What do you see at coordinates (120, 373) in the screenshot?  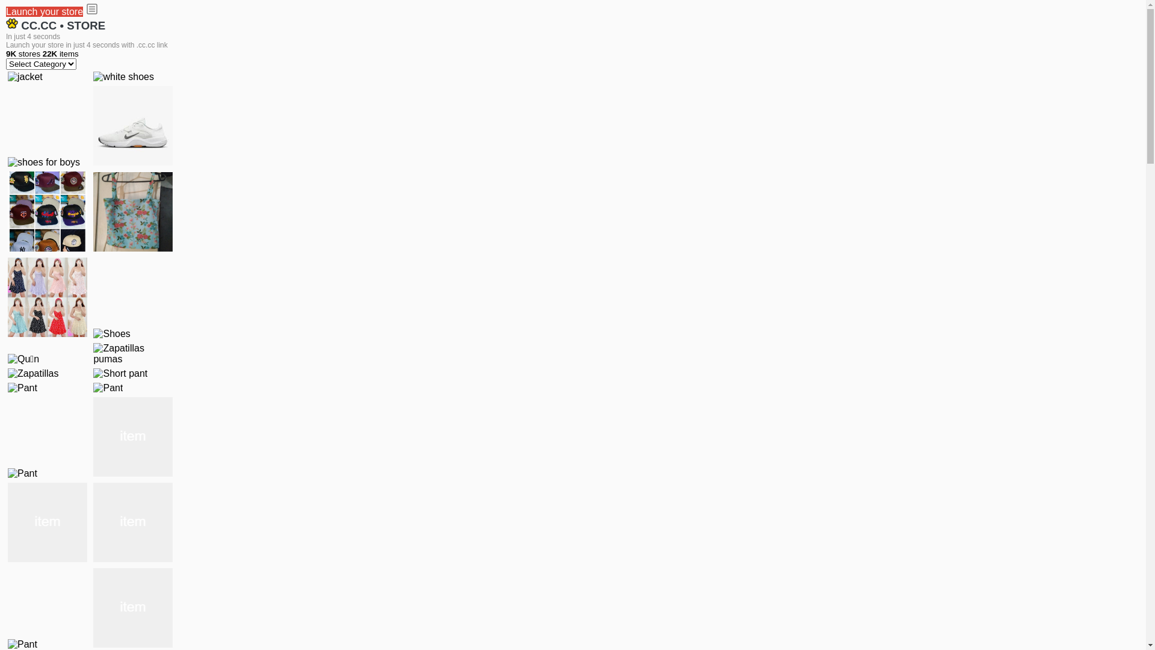 I see `'Short pant'` at bounding box center [120, 373].